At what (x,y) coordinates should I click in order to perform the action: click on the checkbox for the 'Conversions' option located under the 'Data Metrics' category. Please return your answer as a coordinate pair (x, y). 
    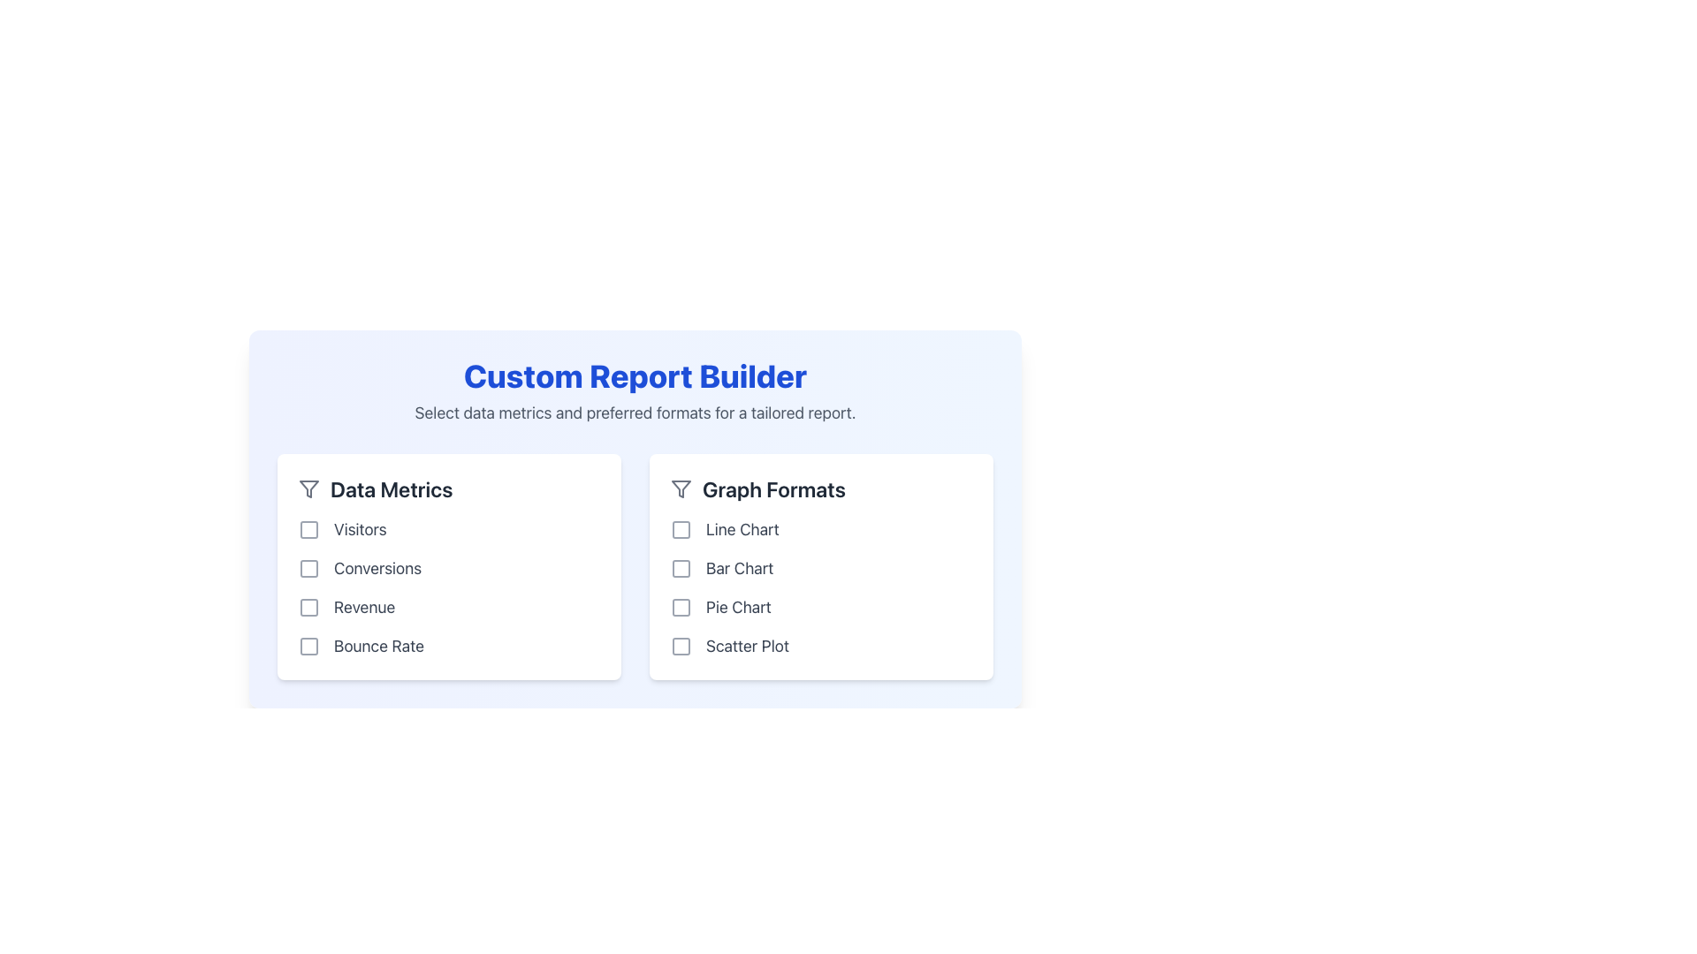
    Looking at the image, I should click on (309, 569).